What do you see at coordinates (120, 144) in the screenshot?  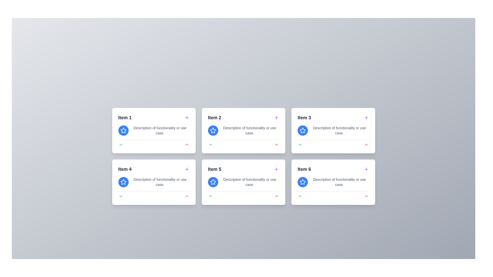 I see `the downward chevron icon located at the bottom left of the first card in the grid layout` at bounding box center [120, 144].